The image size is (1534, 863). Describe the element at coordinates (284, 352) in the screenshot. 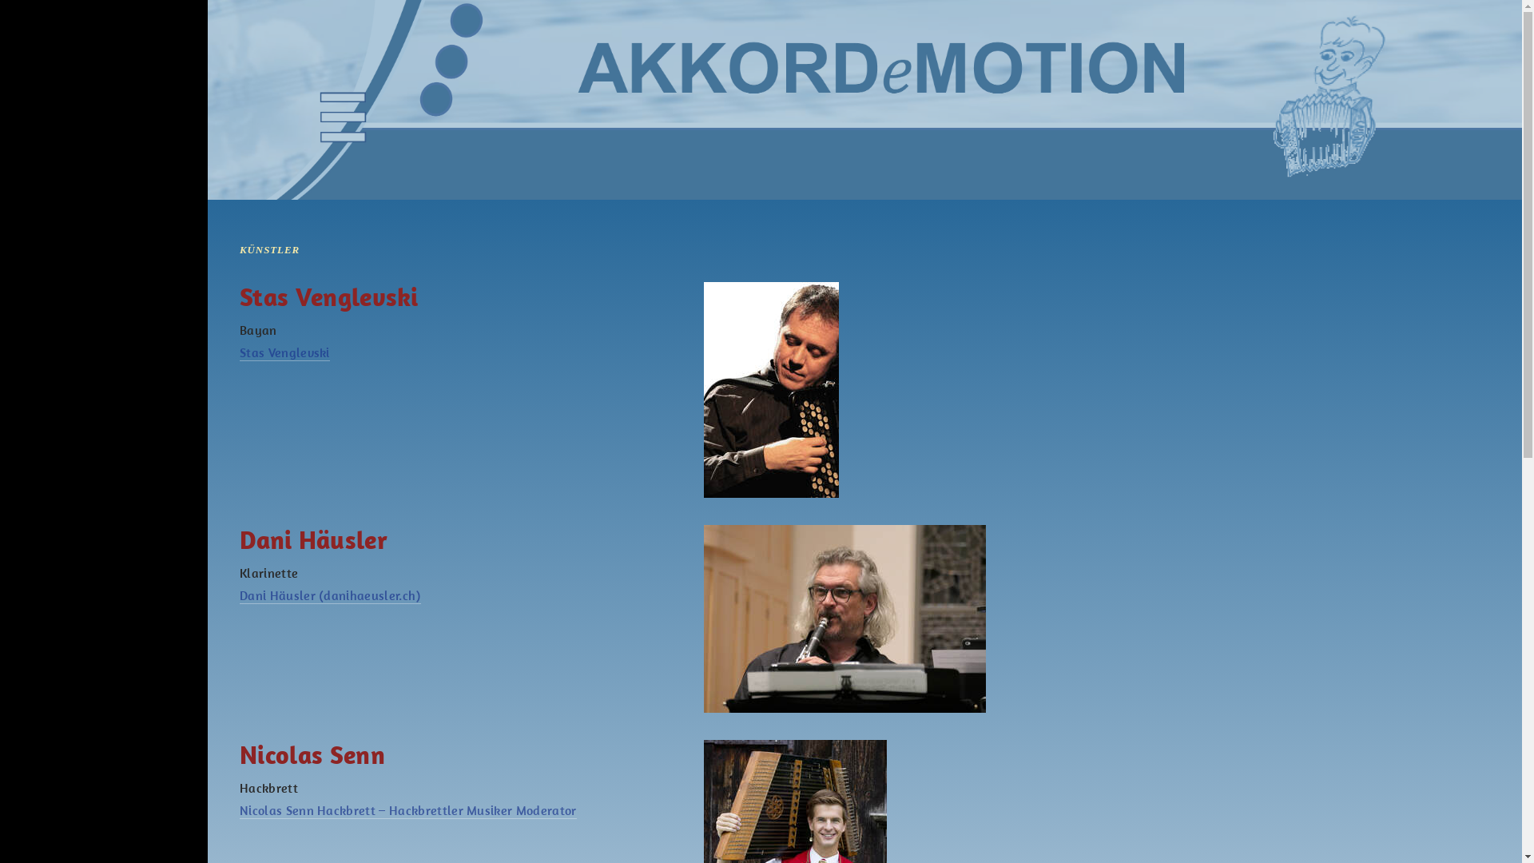

I see `'Stas Venglevski'` at that location.